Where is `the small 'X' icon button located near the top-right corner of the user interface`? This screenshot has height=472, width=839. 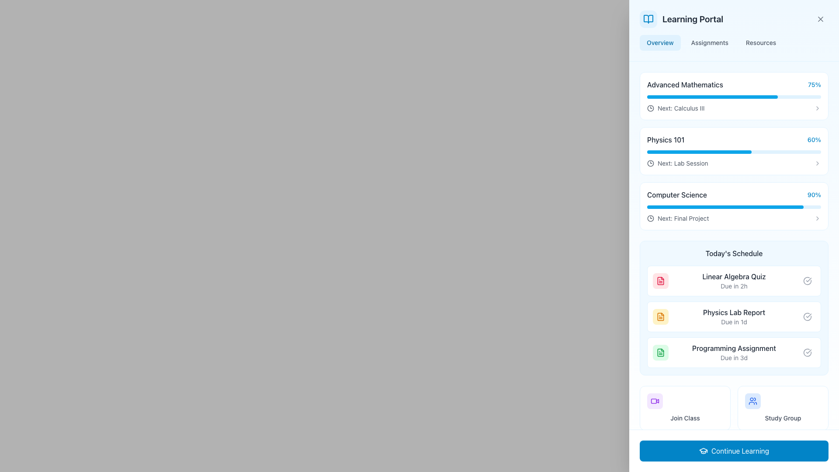 the small 'X' icon button located near the top-right corner of the user interface is located at coordinates (820, 19).